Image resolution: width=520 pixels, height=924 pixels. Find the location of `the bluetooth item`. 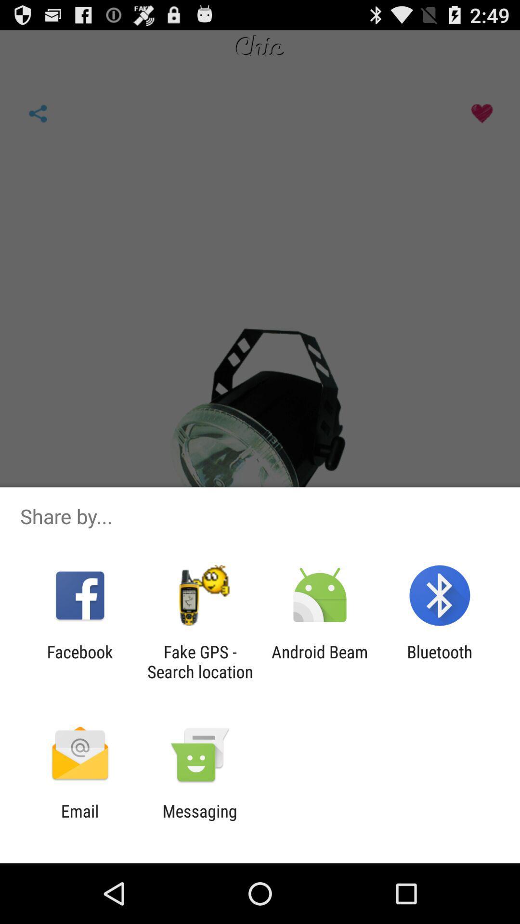

the bluetooth item is located at coordinates (440, 661).